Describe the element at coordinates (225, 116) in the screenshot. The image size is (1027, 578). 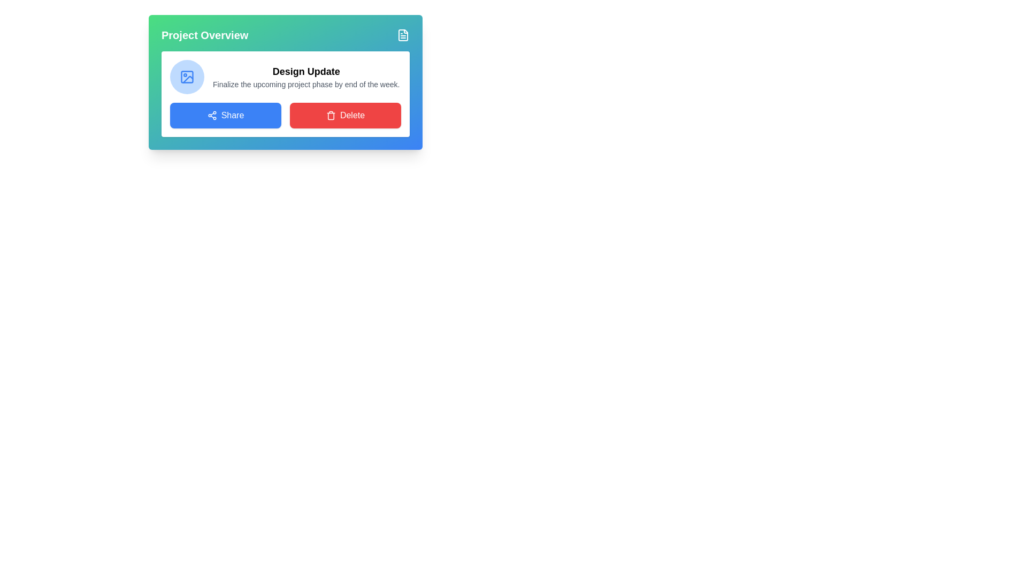
I see `the 'Share' button, which is a rectangular button with a blue background and white text, located within the 'Project Overview' card component` at that location.